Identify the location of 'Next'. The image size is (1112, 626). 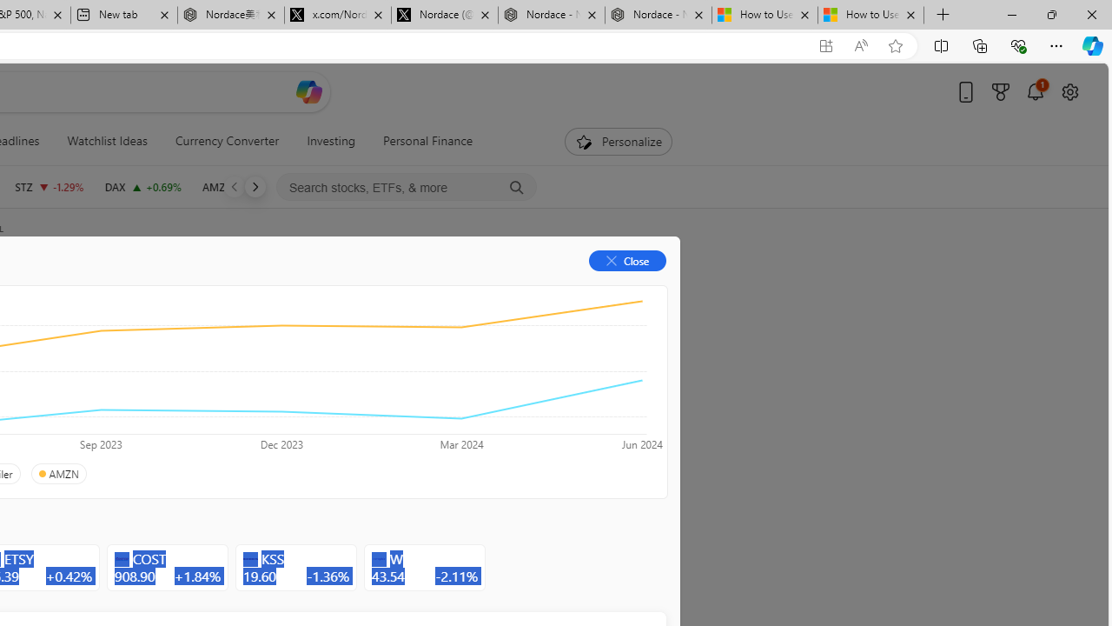
(254, 186).